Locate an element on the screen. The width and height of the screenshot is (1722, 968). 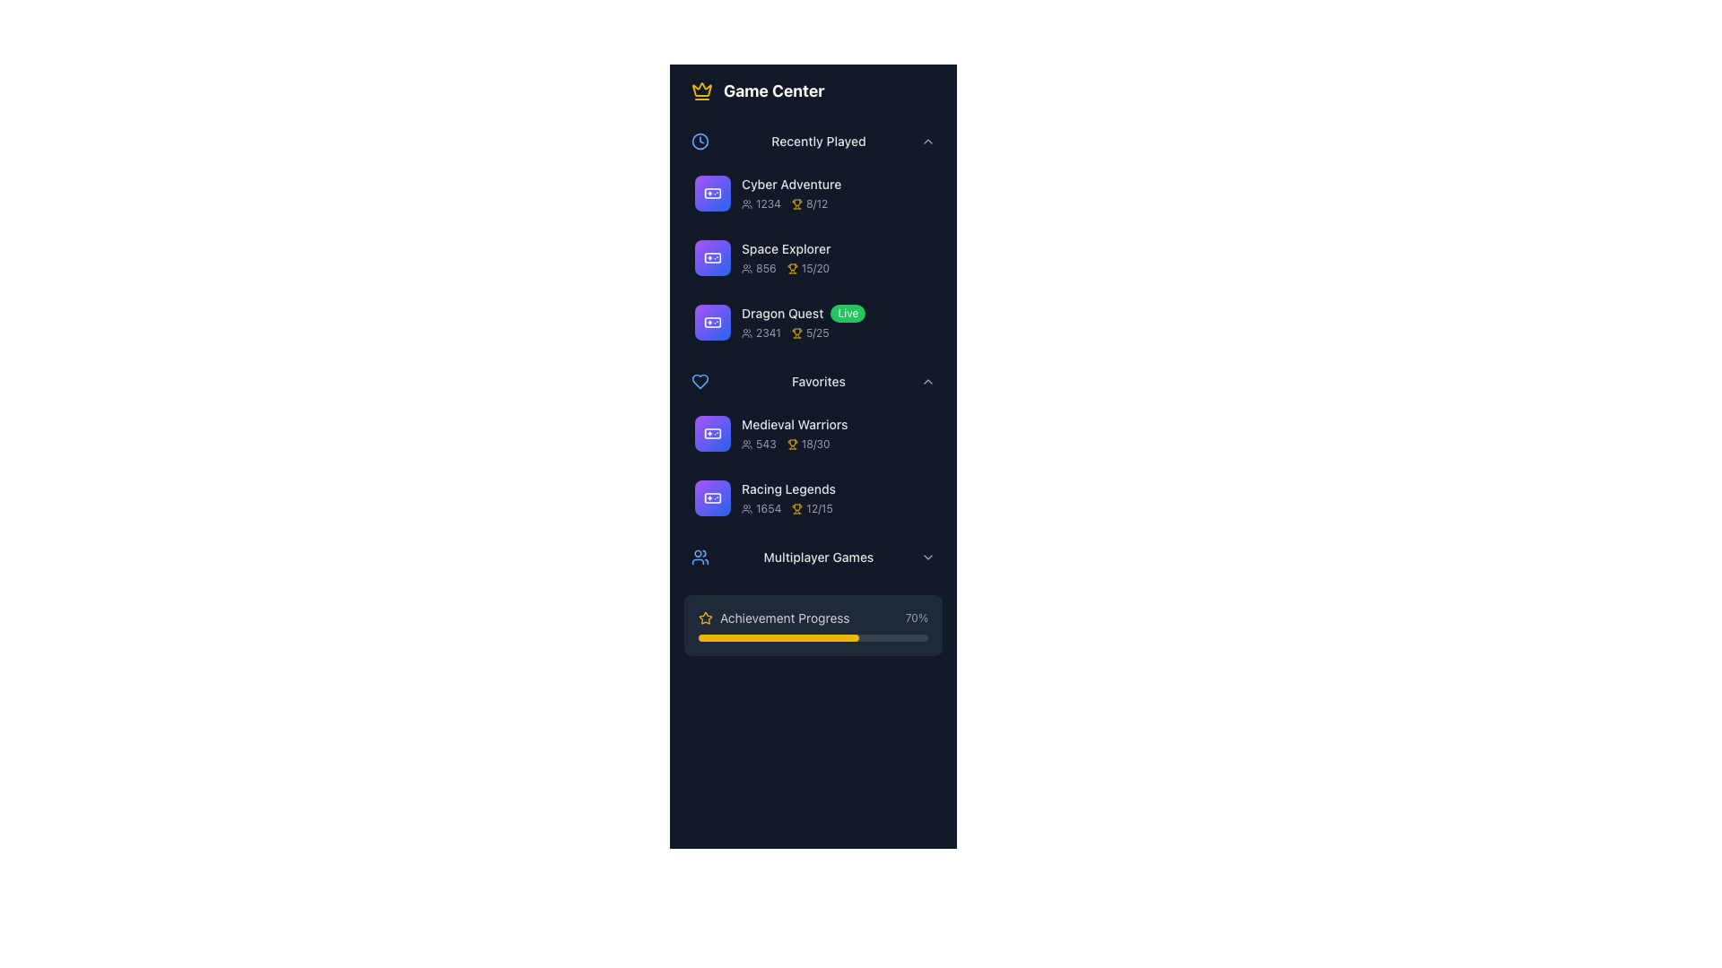
the text label 'Cyber Adventure', which is styled with a small font size and medium font weight, located in the 'Recently Played' section of the game menu interface is located at coordinates (790, 184).